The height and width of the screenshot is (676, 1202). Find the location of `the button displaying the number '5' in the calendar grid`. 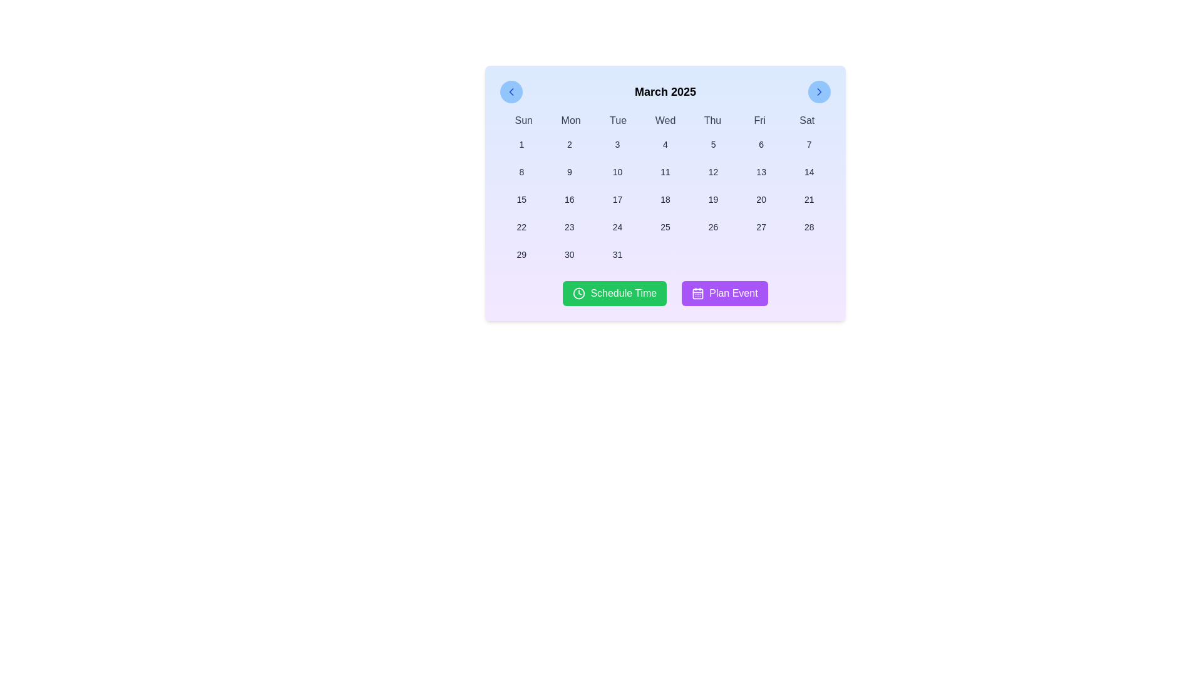

the button displaying the number '5' in the calendar grid is located at coordinates (713, 144).